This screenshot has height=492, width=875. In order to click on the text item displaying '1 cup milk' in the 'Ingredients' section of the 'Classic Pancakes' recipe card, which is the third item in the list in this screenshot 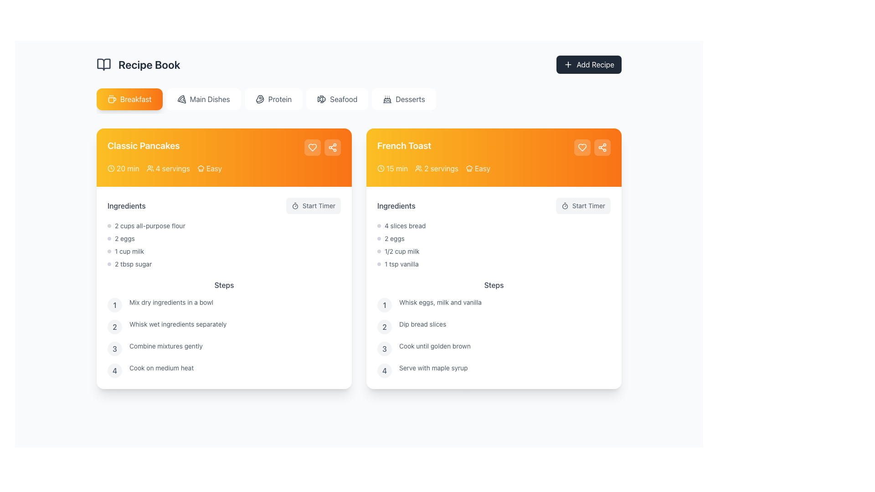, I will do `click(129, 251)`.